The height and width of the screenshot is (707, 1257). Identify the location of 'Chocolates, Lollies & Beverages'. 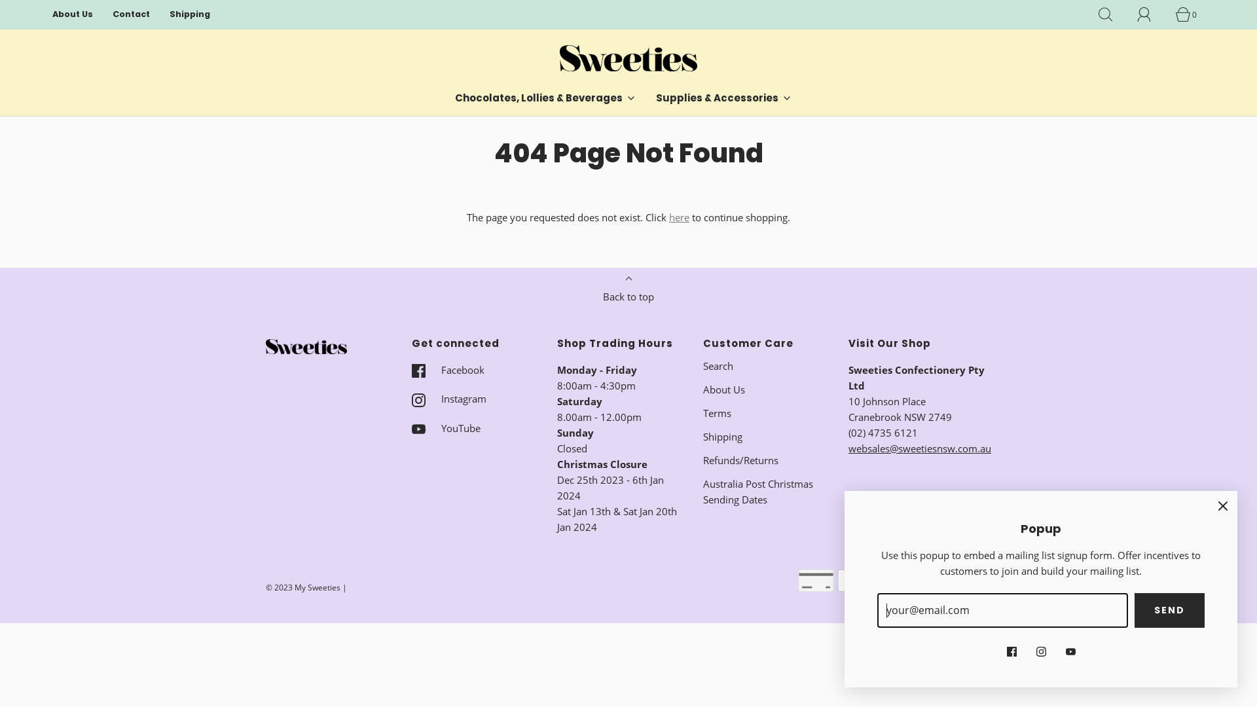
(545, 98).